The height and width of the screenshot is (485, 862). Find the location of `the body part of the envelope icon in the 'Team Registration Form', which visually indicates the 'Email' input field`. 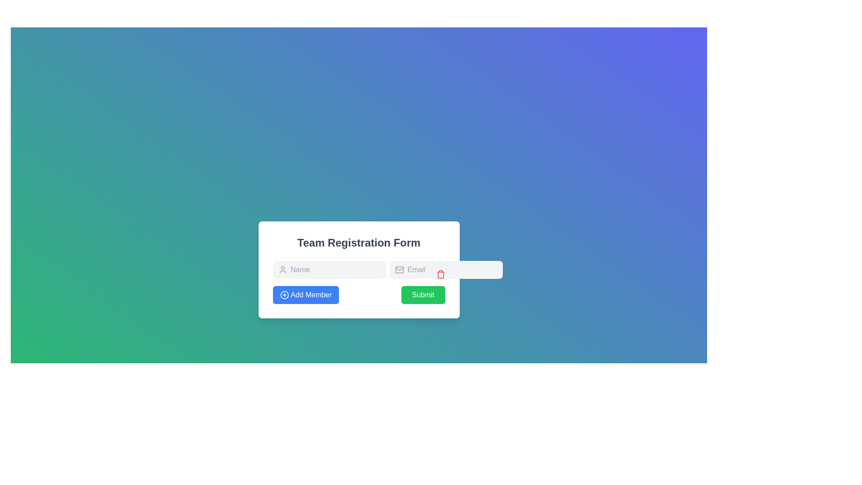

the body part of the envelope icon in the 'Team Registration Form', which visually indicates the 'Email' input field is located at coordinates (399, 269).